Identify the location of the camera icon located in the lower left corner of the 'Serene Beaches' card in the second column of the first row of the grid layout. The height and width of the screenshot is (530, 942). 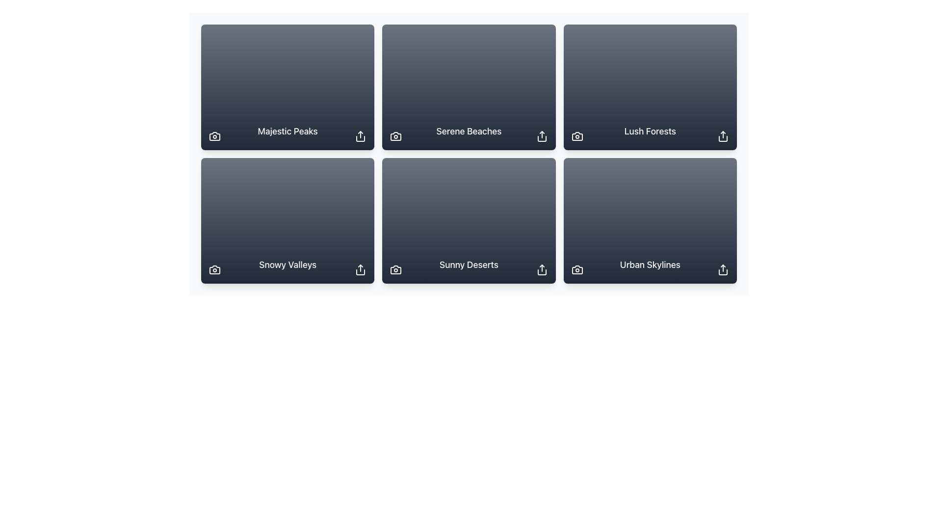
(396, 136).